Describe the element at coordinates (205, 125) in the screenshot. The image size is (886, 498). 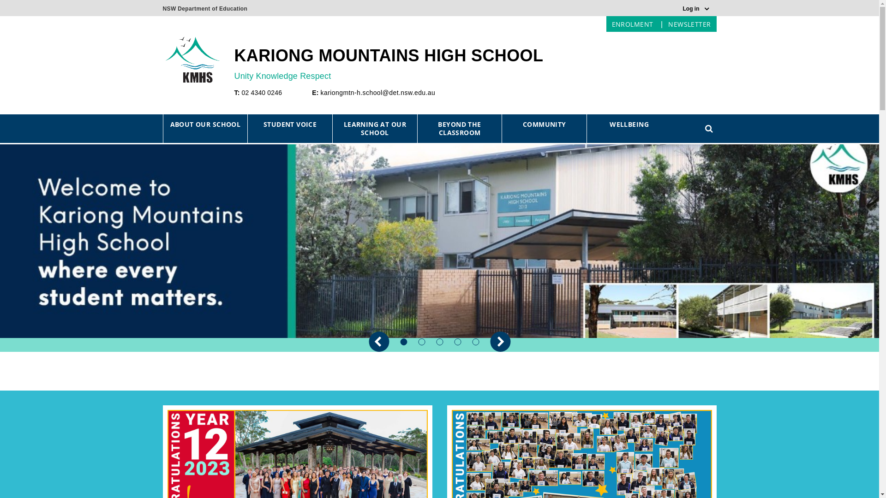
I see `'ABOUT OUR SCHOOL'` at that location.